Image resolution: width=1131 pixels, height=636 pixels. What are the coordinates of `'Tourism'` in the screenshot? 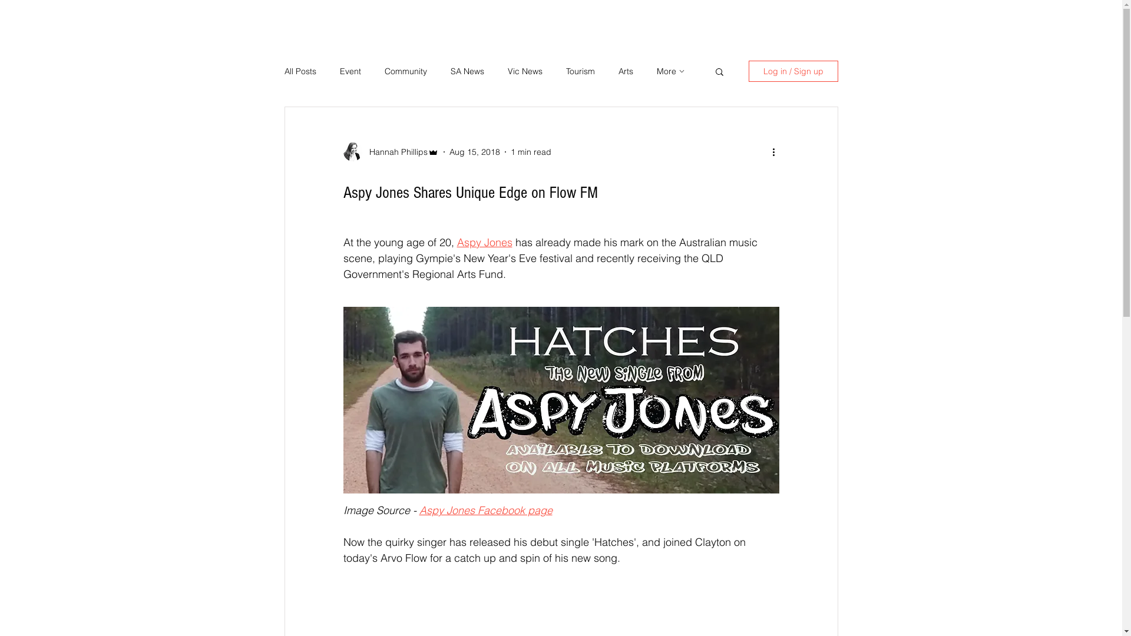 It's located at (580, 71).